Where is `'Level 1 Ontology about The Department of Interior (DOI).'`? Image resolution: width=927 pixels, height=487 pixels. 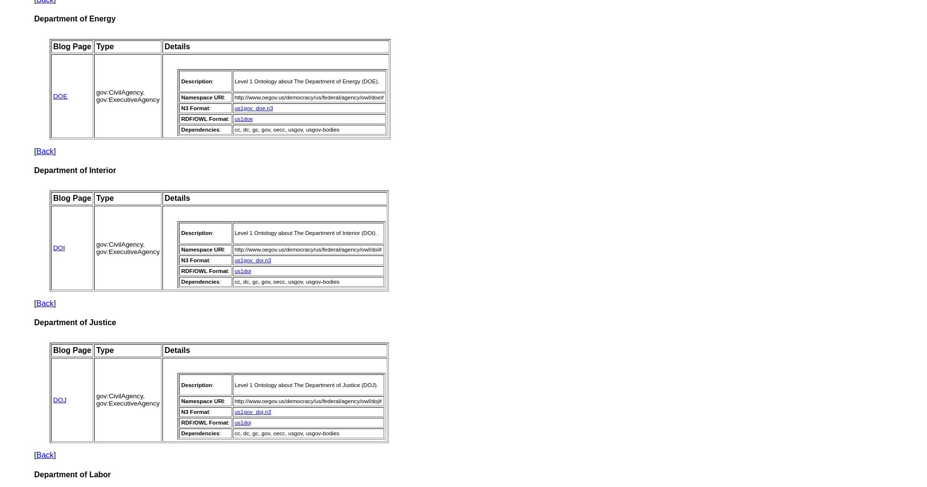 'Level 1 Ontology about The Department of Interior (DOI).' is located at coordinates (305, 233).